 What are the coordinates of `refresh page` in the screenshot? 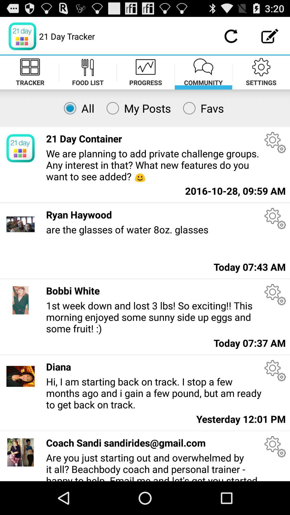 It's located at (230, 36).